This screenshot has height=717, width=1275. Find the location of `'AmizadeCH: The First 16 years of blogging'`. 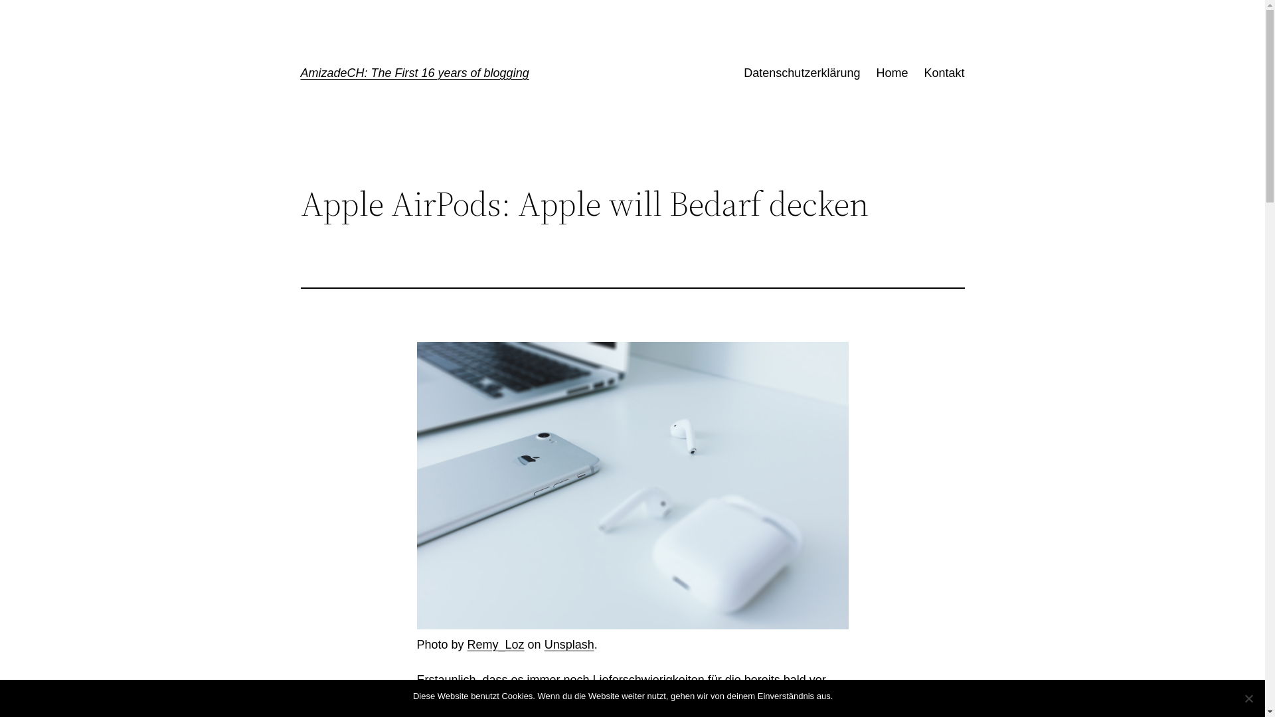

'AmizadeCH: The First 16 years of blogging' is located at coordinates (414, 73).